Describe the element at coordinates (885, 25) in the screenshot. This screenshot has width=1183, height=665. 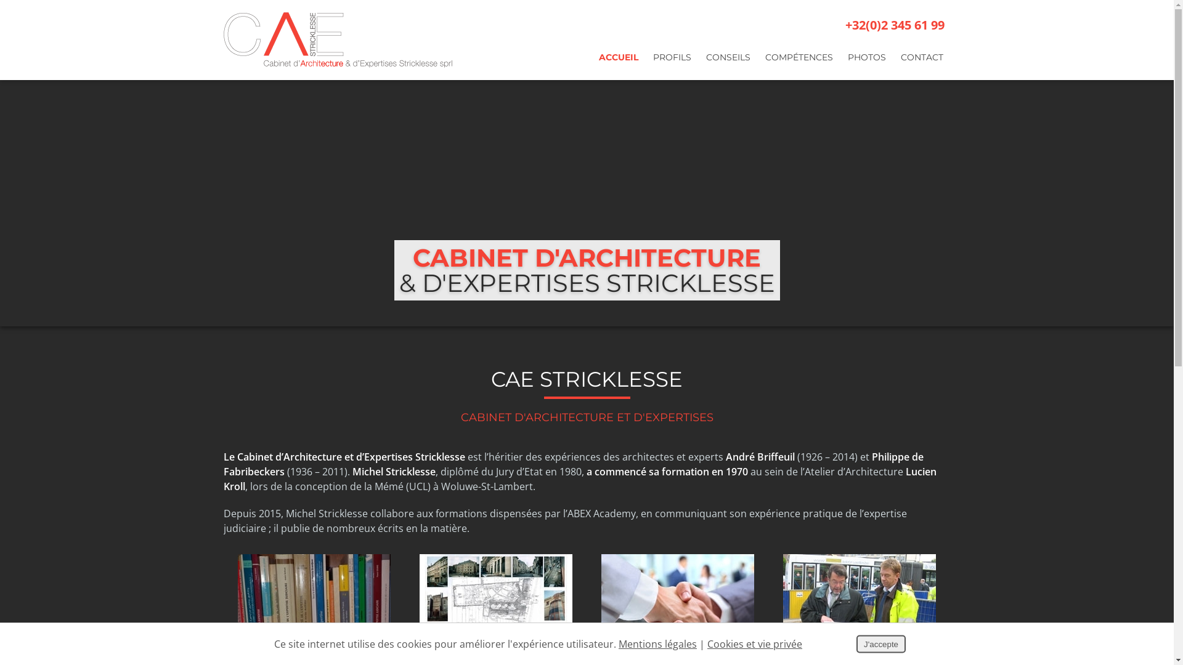
I see `'+32(0)2 345 61 99'` at that location.